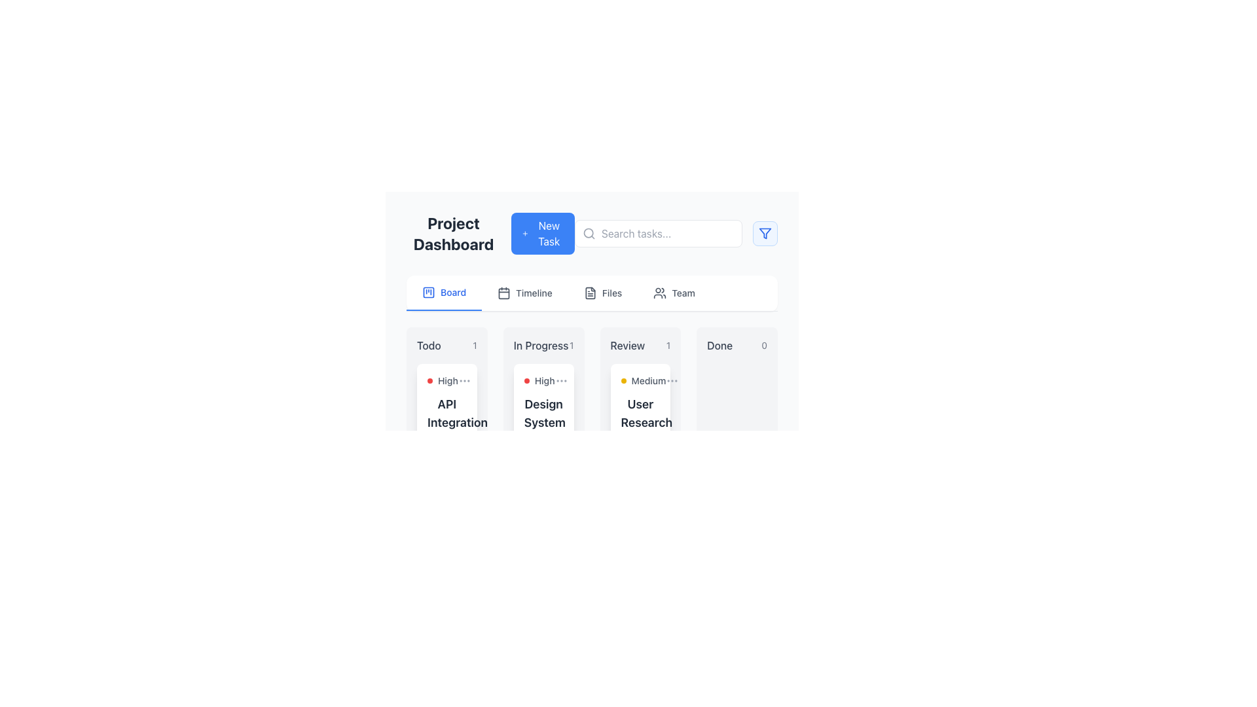  What do you see at coordinates (524, 292) in the screenshot?
I see `the 'Timeline' button, which features a calendar icon and a grey label that turns blue when interacted with, to change its text color` at bounding box center [524, 292].